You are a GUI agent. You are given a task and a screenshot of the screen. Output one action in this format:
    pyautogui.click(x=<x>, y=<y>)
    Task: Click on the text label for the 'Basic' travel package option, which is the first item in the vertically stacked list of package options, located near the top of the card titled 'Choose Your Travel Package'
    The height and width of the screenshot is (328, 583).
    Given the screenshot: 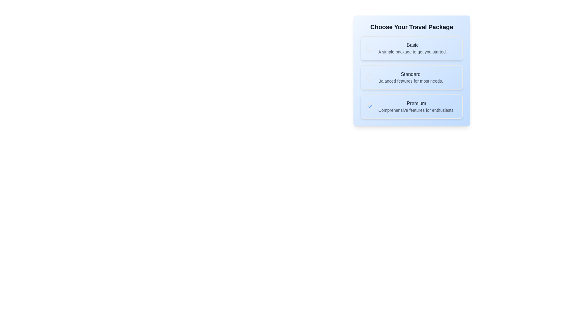 What is the action you would take?
    pyautogui.click(x=412, y=48)
    